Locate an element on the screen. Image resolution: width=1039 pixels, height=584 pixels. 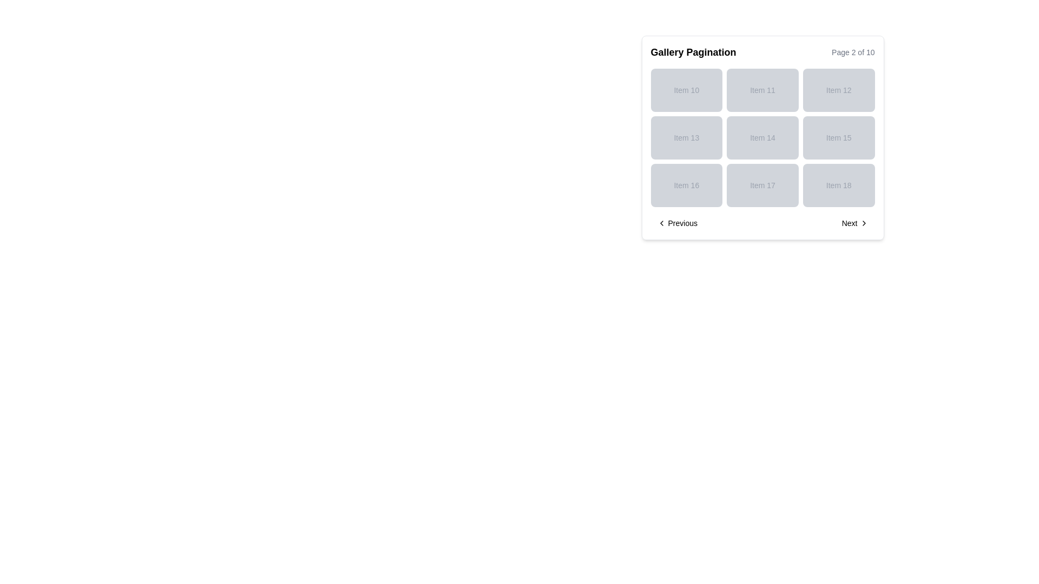
the grid tile element labeled 'Item 13' is located at coordinates (686, 137).